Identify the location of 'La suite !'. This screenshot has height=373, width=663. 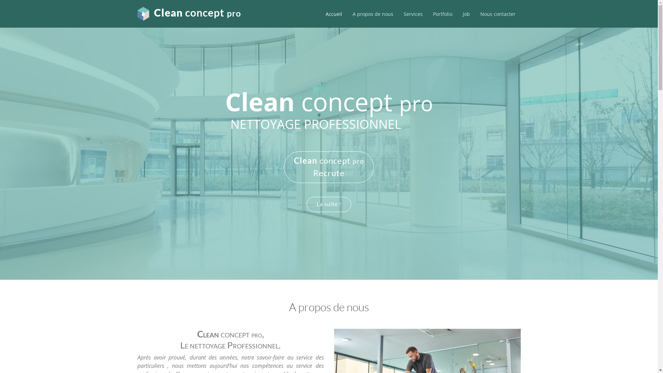
(328, 204).